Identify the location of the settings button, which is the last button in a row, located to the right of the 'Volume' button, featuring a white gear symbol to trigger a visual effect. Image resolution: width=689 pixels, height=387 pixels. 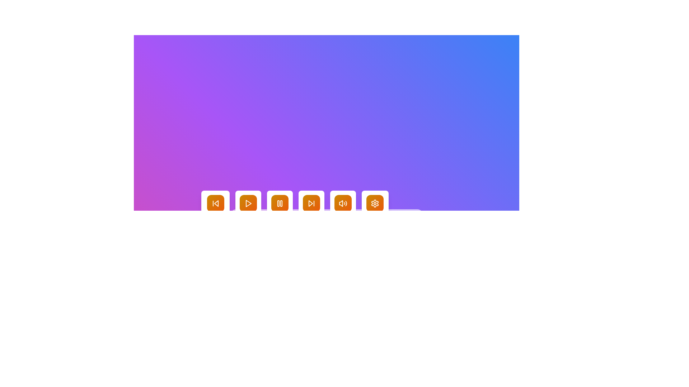
(375, 209).